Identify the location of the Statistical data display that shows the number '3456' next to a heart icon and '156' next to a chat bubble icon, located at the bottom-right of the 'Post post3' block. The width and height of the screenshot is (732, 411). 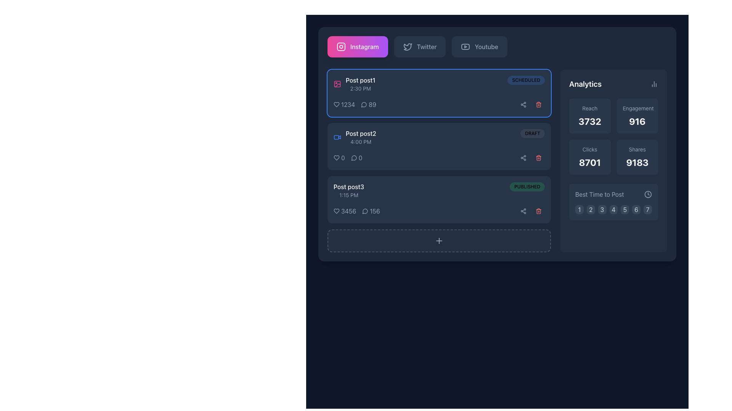
(356, 211).